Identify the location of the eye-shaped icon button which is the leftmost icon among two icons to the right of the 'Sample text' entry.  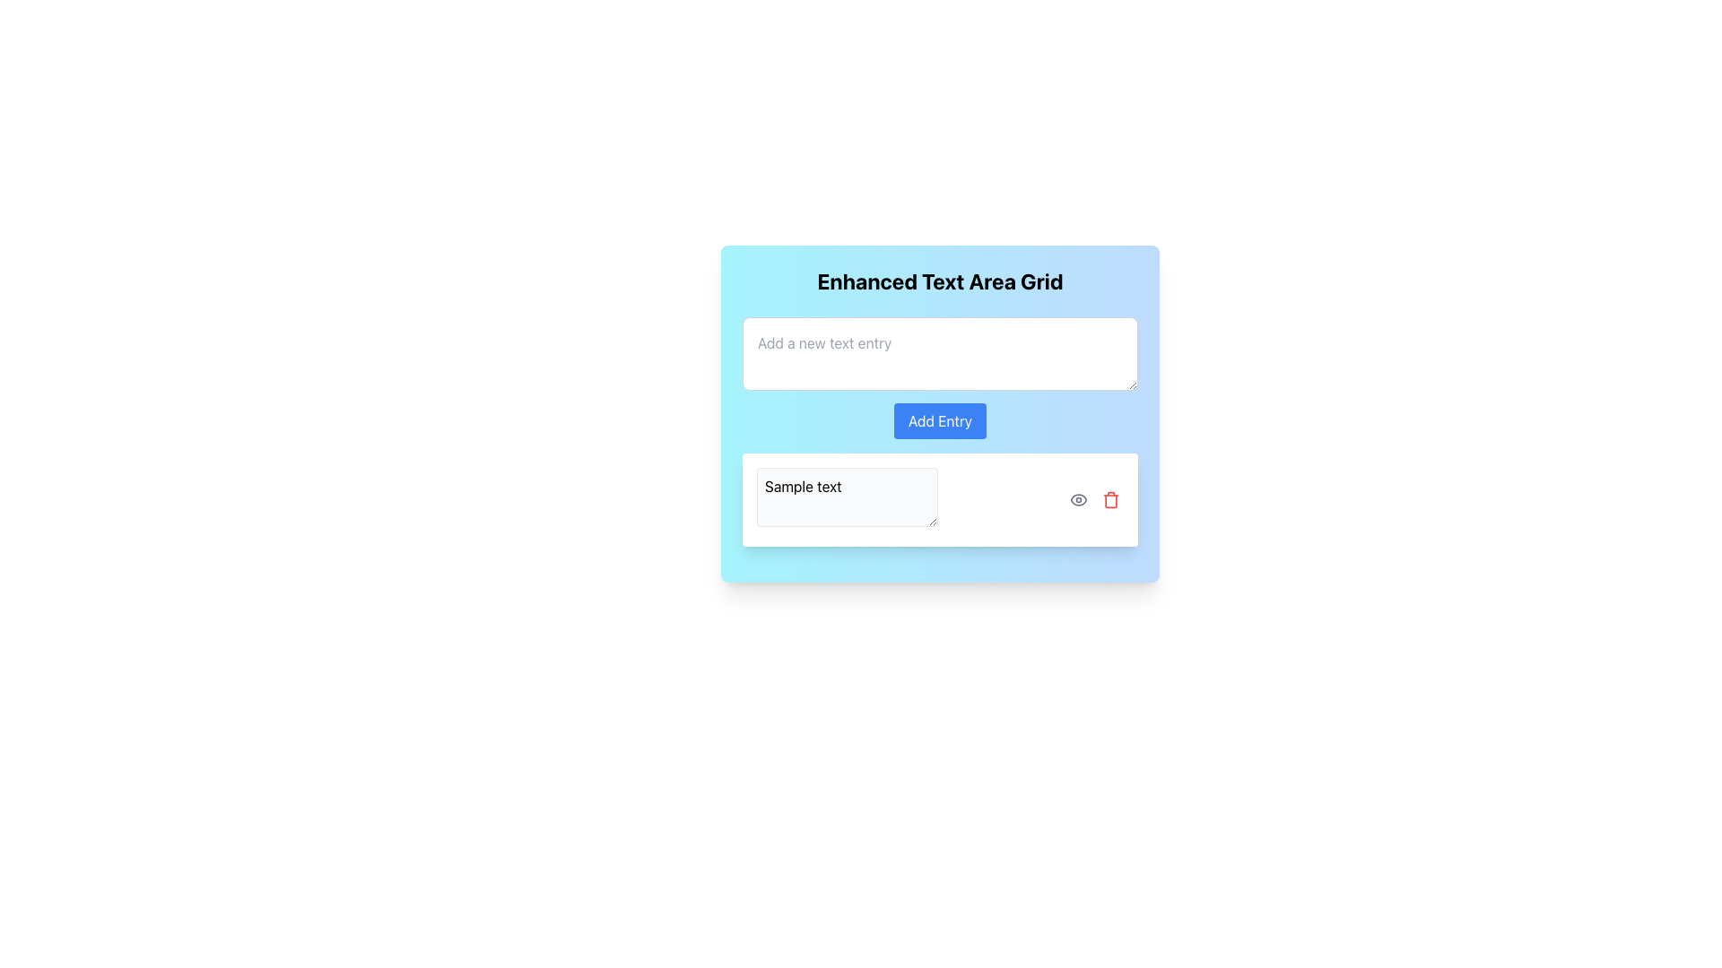
(1078, 500).